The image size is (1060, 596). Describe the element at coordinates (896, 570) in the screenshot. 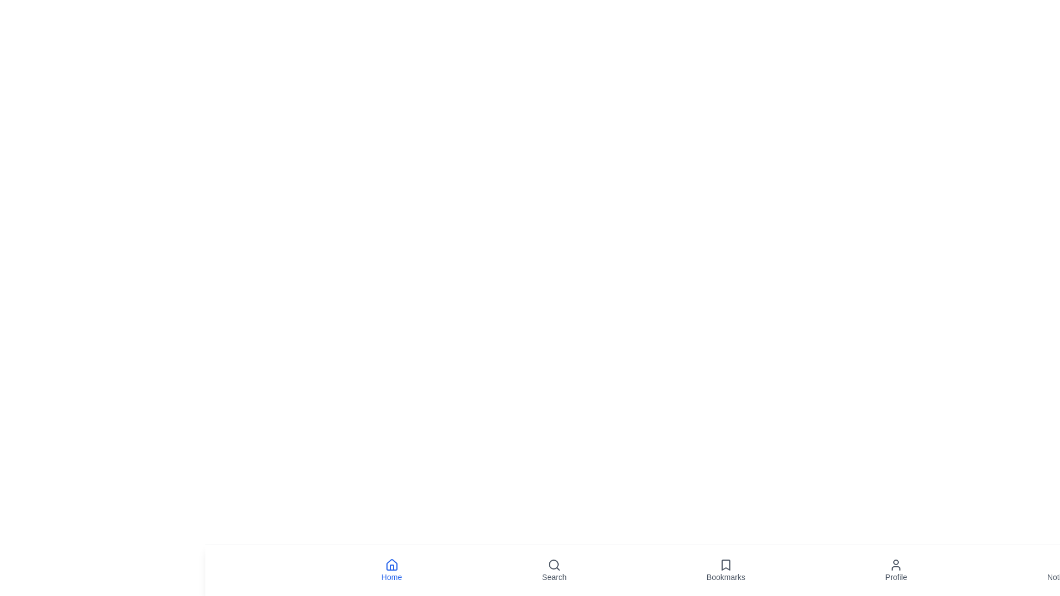

I see `the navigation tab labeled Profile` at that location.